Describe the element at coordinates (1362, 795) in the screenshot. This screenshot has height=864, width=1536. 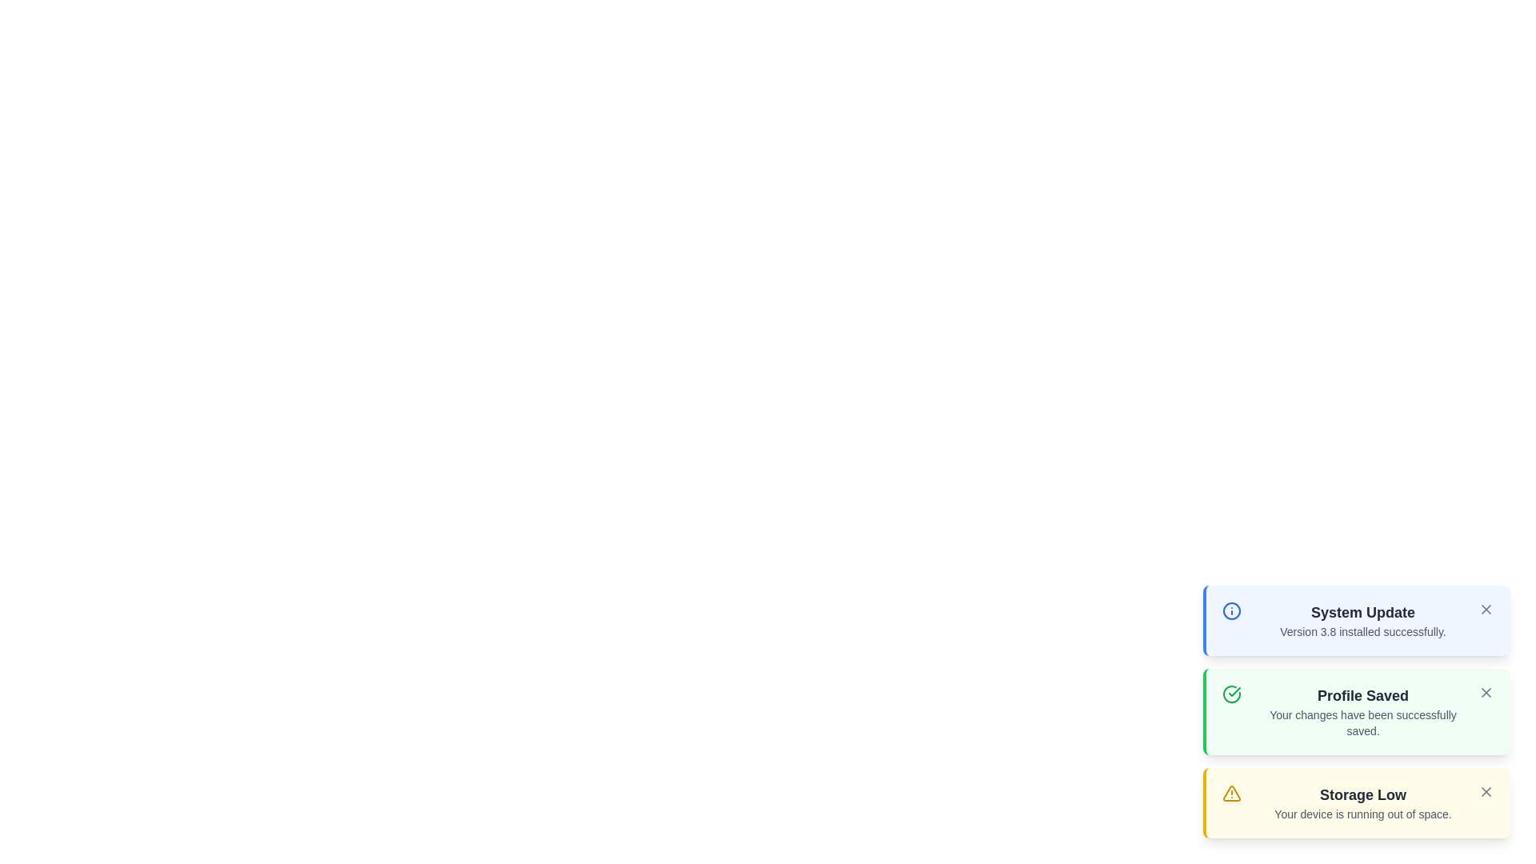
I see `the text content of the notification titled Storage Low` at that location.